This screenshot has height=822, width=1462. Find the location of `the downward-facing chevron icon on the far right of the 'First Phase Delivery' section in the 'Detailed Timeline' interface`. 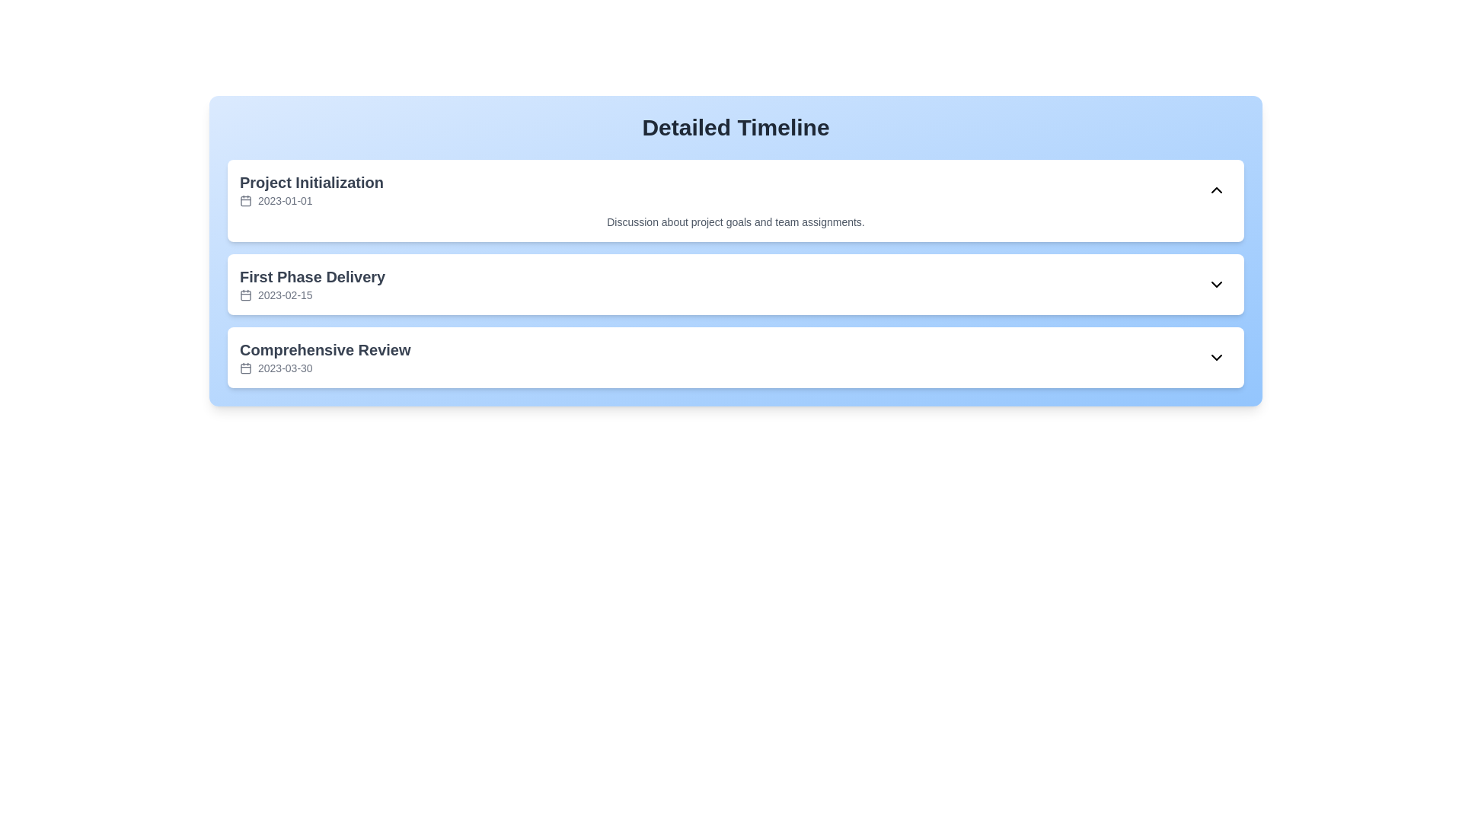

the downward-facing chevron icon on the far right of the 'First Phase Delivery' section in the 'Detailed Timeline' interface is located at coordinates (1216, 285).